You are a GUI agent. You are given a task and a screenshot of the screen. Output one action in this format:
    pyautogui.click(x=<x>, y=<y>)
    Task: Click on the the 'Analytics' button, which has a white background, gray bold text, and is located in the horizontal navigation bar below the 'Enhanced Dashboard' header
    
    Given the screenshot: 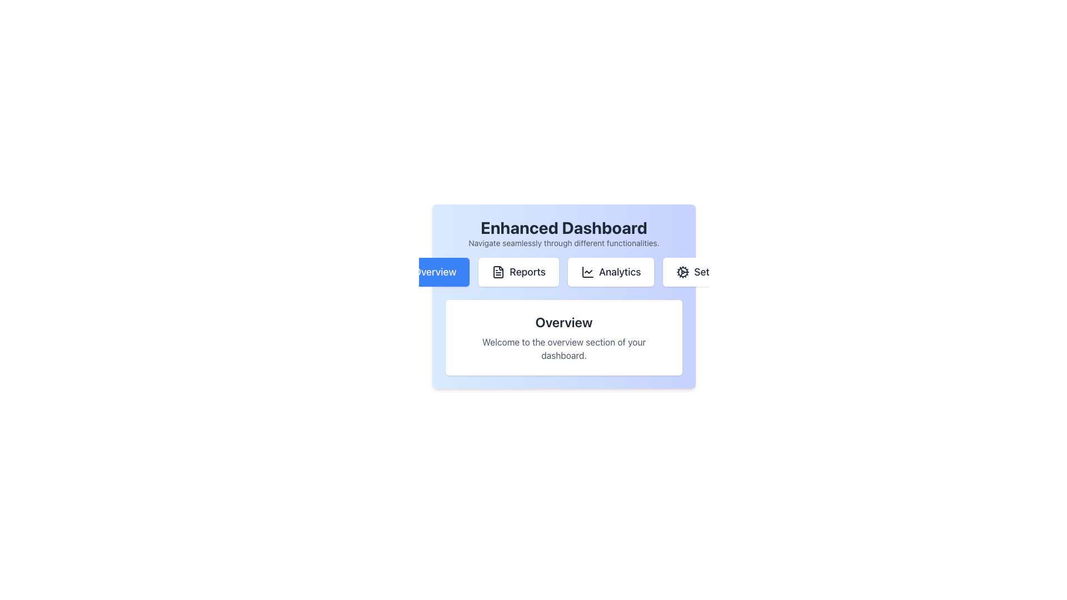 What is the action you would take?
    pyautogui.click(x=610, y=272)
    